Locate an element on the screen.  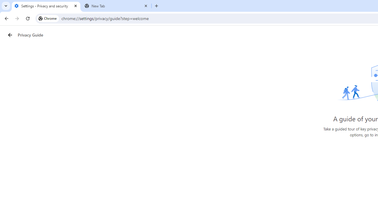
'New Tab' is located at coordinates (116, 6).